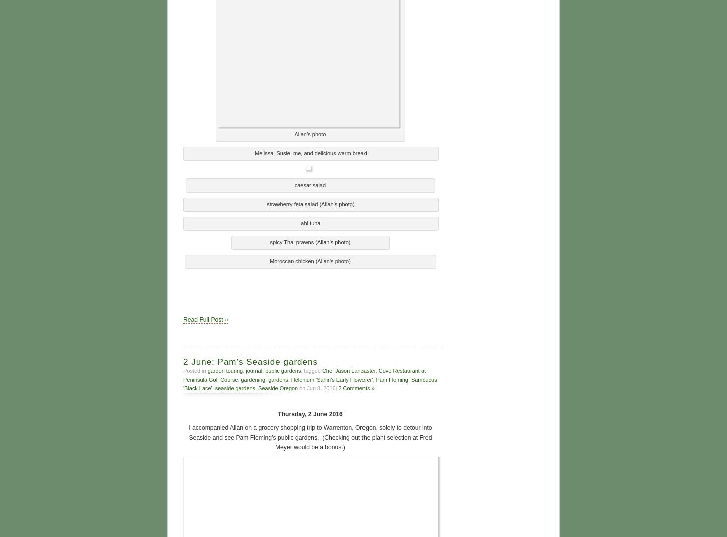  Describe the element at coordinates (253, 378) in the screenshot. I see `'gardening'` at that location.